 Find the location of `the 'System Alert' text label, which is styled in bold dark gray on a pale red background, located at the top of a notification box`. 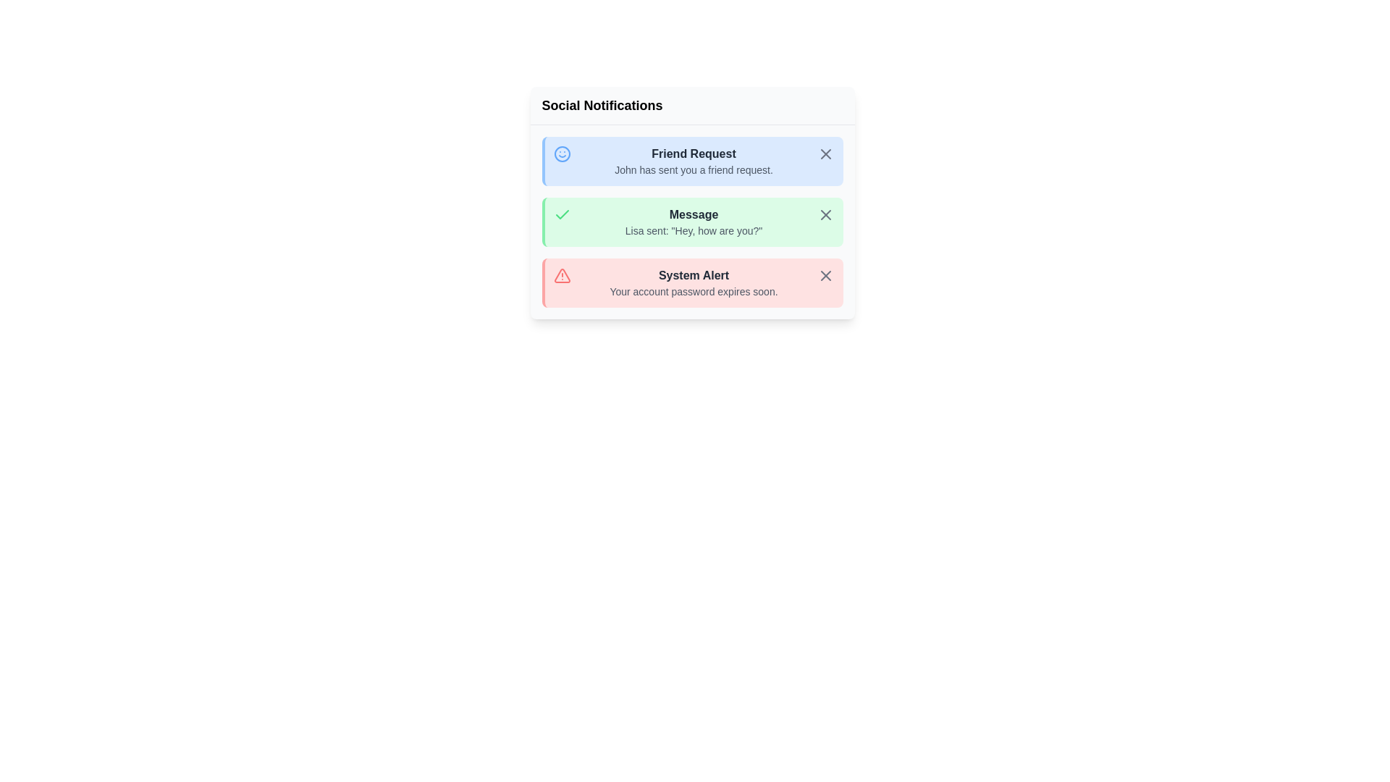

the 'System Alert' text label, which is styled in bold dark gray on a pale red background, located at the top of a notification box is located at coordinates (693, 276).